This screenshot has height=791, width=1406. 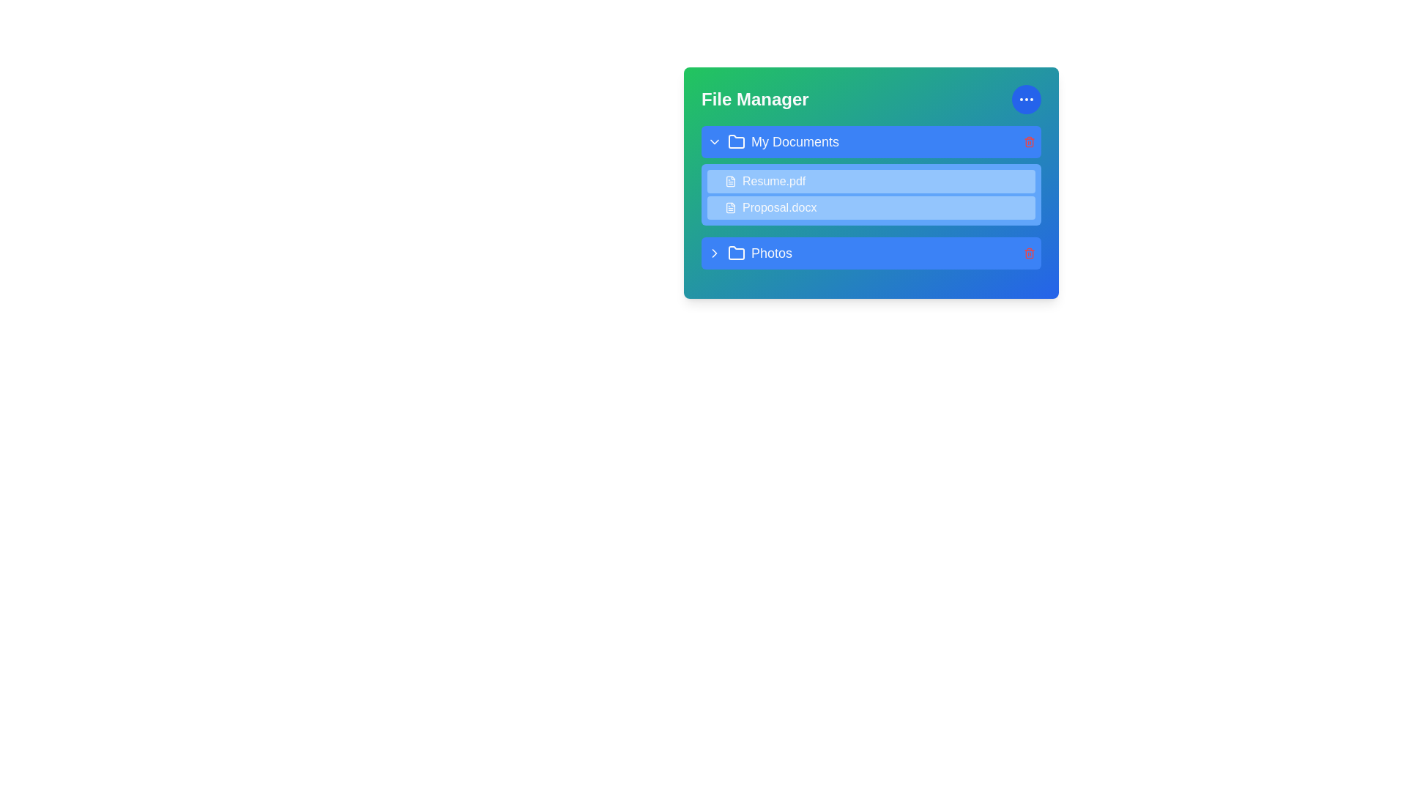 What do you see at coordinates (737, 252) in the screenshot?
I see `the folder icon, which is a blue rectangular shape with a folded edge, located to the left of the 'Photos' label in the file manager interface` at bounding box center [737, 252].